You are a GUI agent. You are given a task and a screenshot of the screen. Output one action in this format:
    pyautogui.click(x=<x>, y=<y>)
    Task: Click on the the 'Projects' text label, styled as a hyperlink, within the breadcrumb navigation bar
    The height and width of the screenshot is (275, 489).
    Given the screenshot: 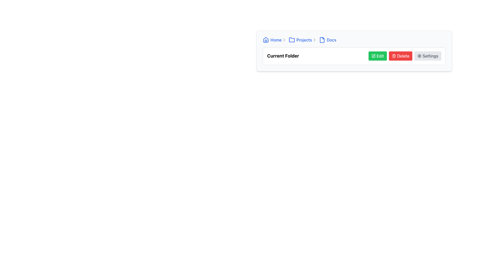 What is the action you would take?
    pyautogui.click(x=304, y=40)
    